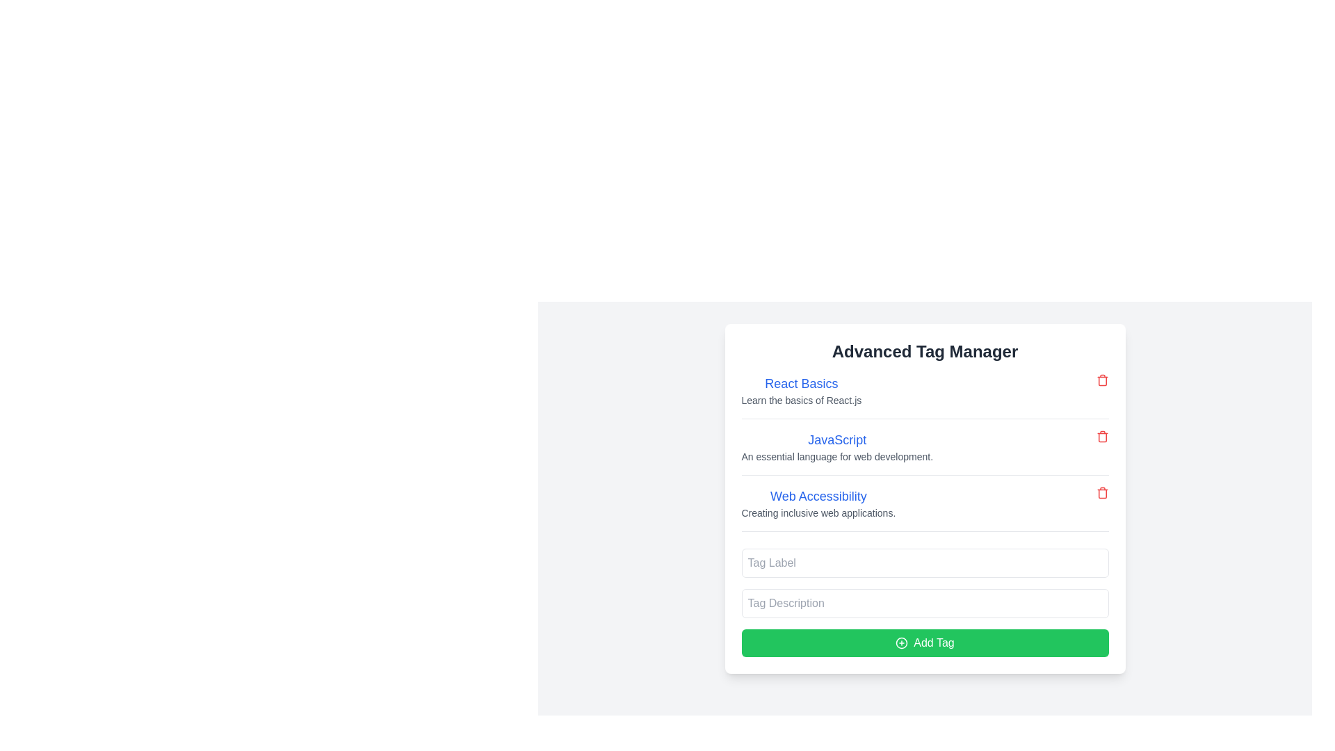 This screenshot has height=751, width=1335. I want to click on the composite text block that serves as a descriptive label for information about JavaScript, located in the center-right of the 'Advanced Tag Manager' section, so click(925, 453).